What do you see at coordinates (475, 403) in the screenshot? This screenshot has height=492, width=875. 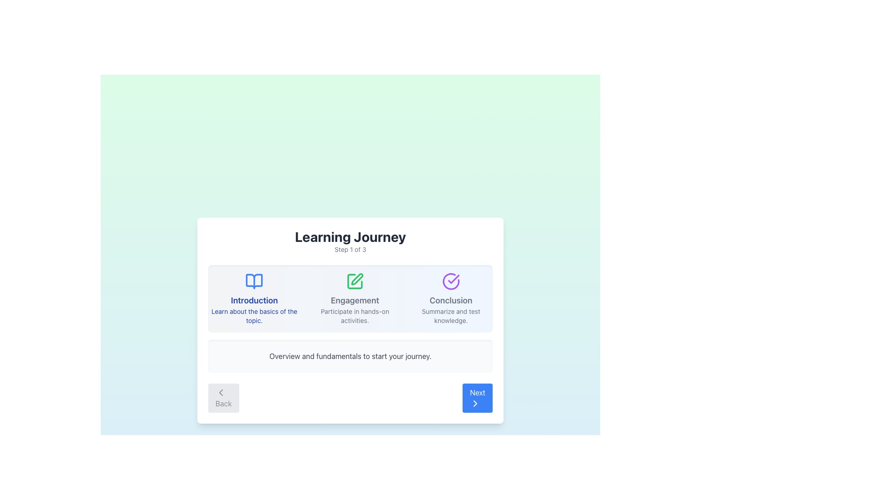 I see `the right-pointing chevron icon inside the 'Next' button located at the bottom-right of the panel` at bounding box center [475, 403].